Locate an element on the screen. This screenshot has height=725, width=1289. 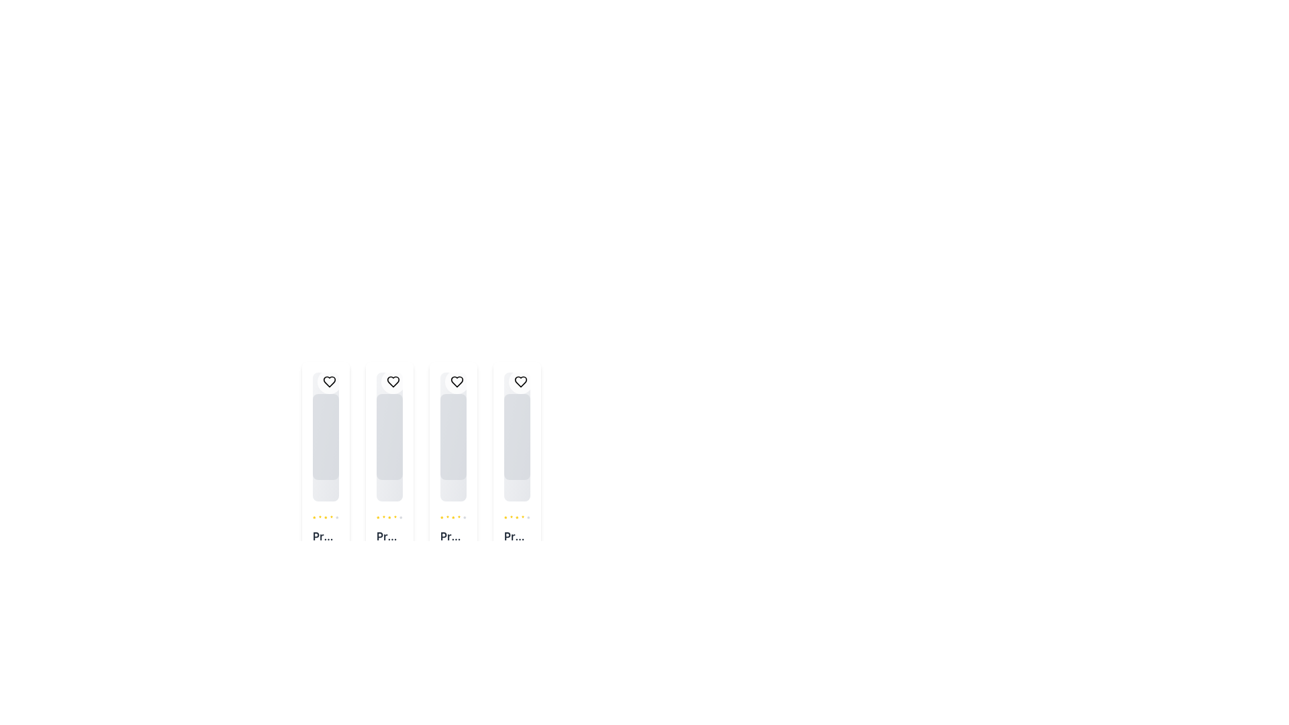
the vertically elongated rectangle placeholder element with rounded corners and a light gray background, which is the second column in a row of four columns is located at coordinates (389, 437).